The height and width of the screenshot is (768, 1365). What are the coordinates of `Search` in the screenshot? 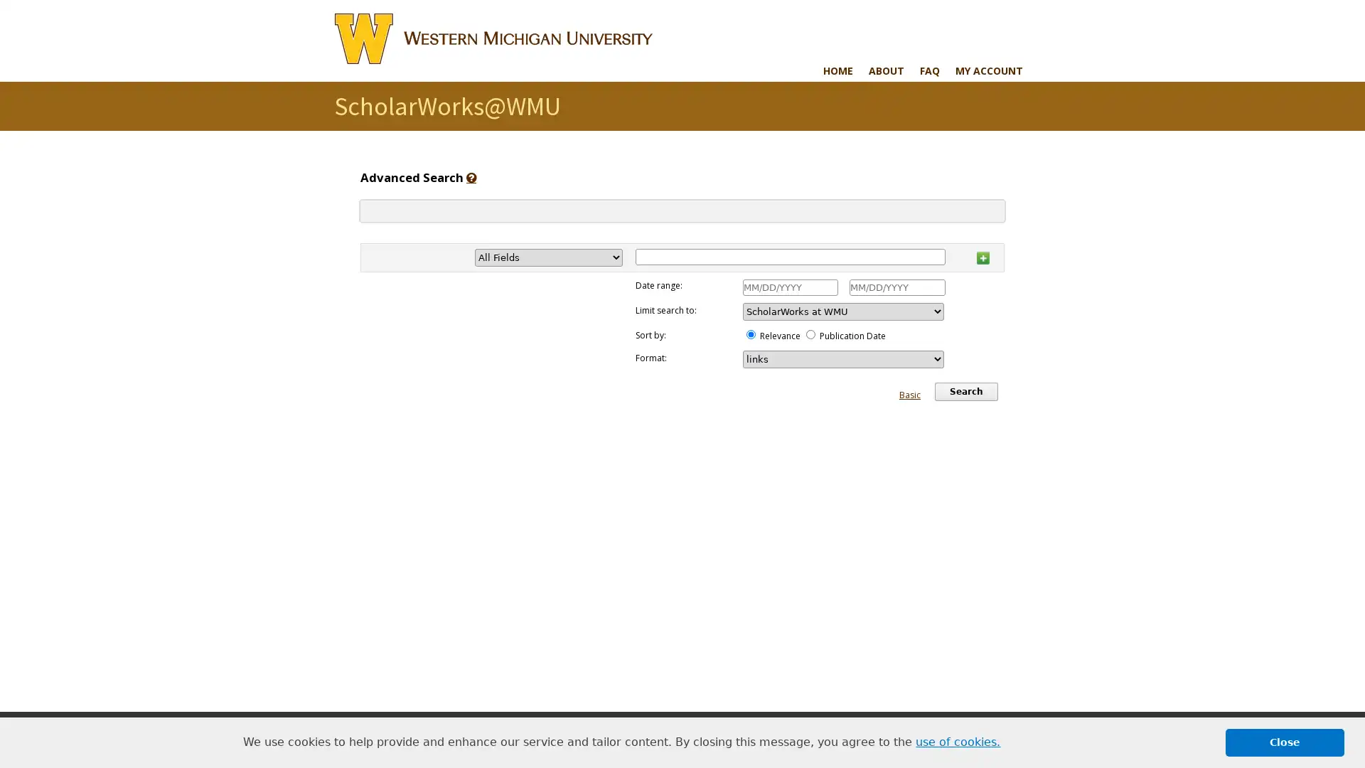 It's located at (965, 392).